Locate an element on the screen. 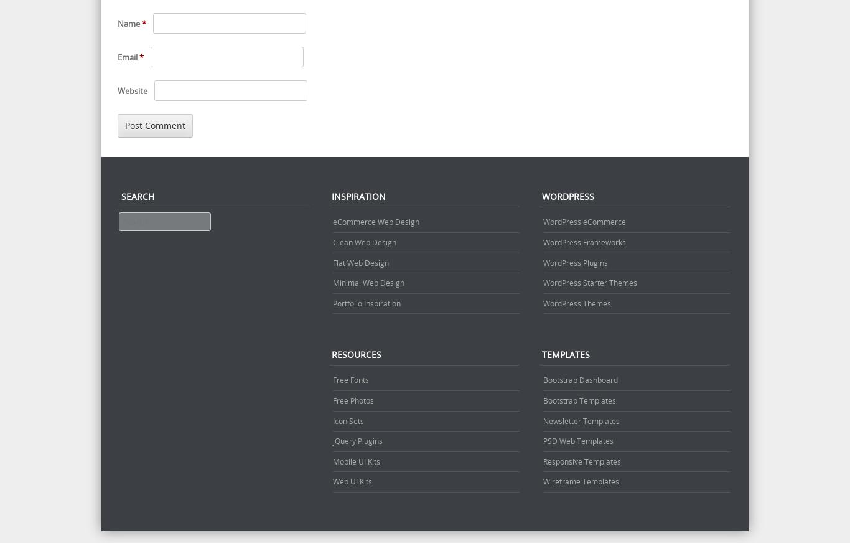  'WordPress Frameworks' is located at coordinates (584, 242).